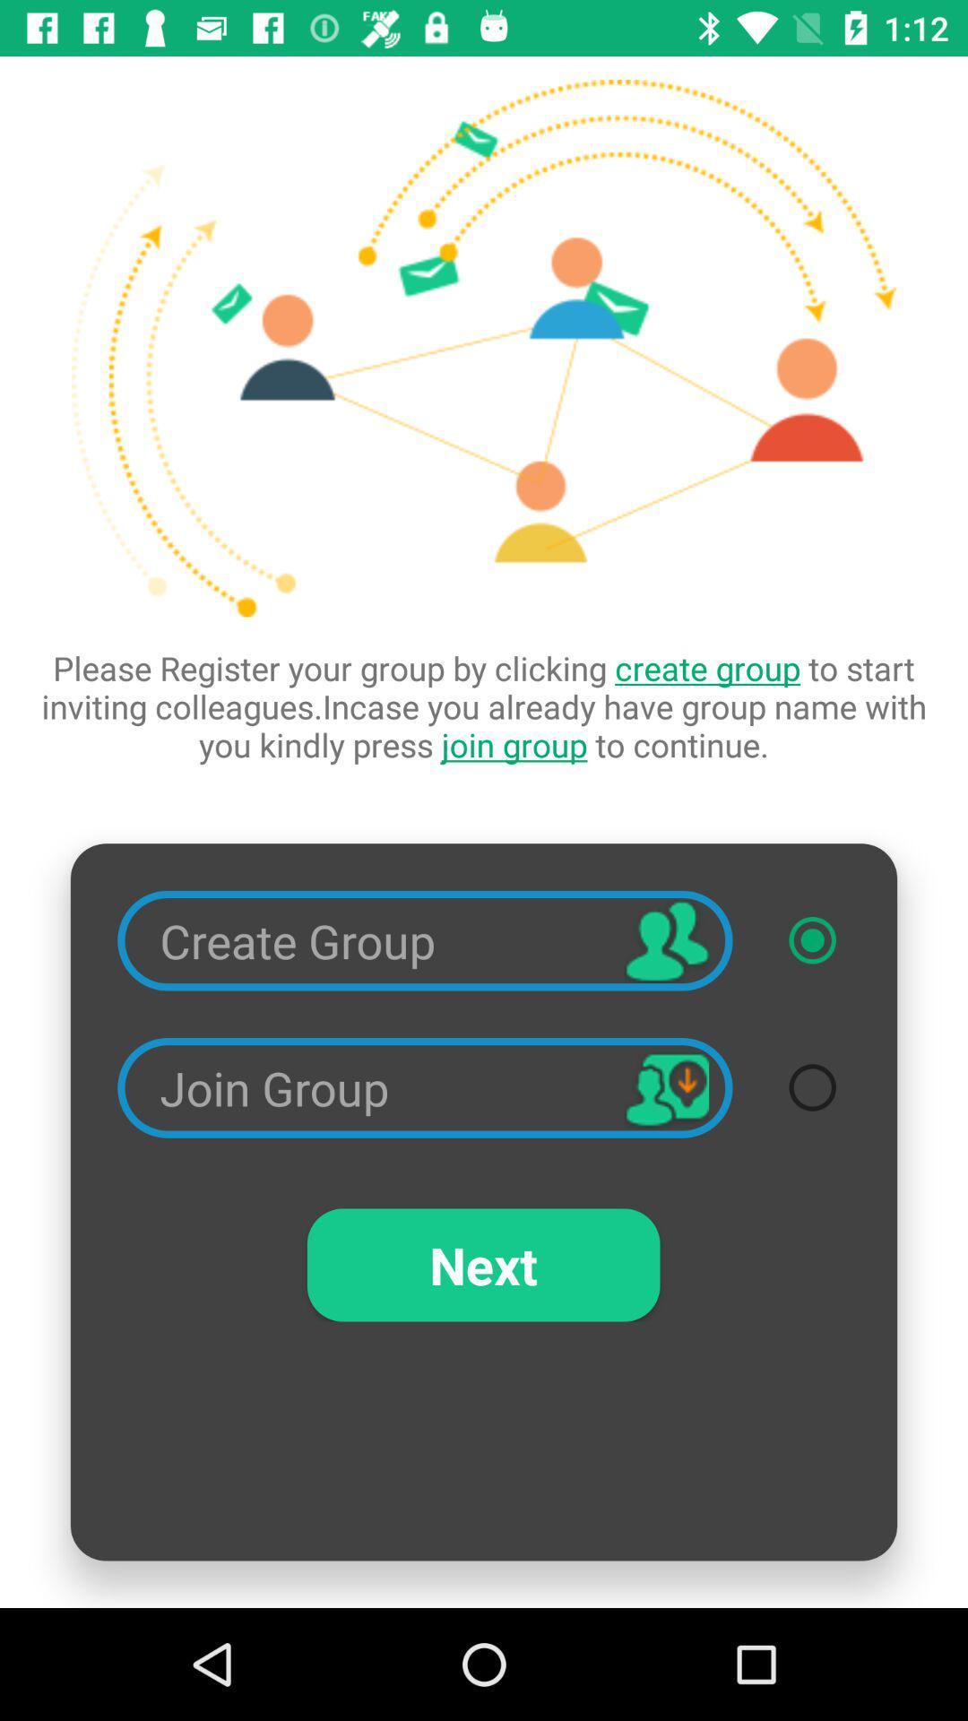 The width and height of the screenshot is (968, 1721). What do you see at coordinates (484, 705) in the screenshot?
I see `the please register your` at bounding box center [484, 705].